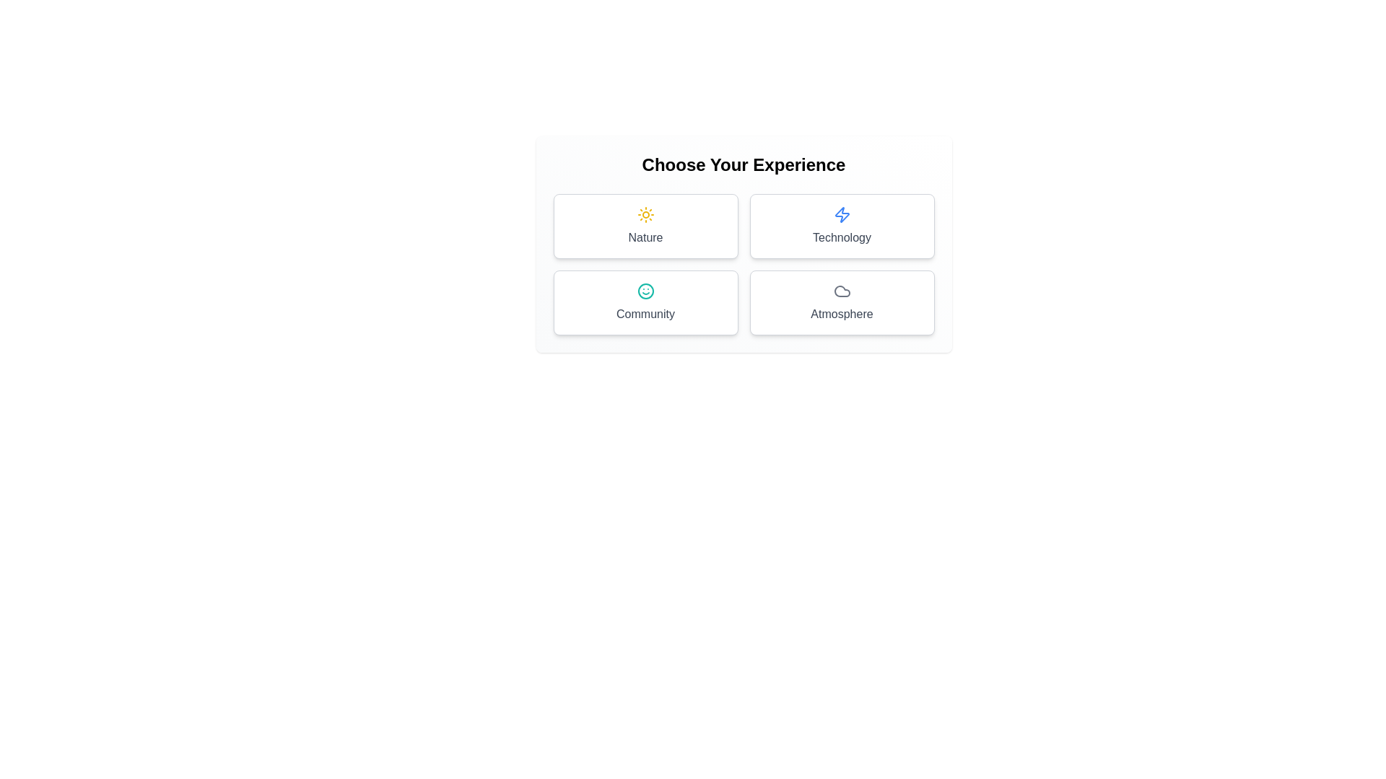  Describe the element at coordinates (645, 226) in the screenshot. I see `the button representing the theme Nature` at that location.